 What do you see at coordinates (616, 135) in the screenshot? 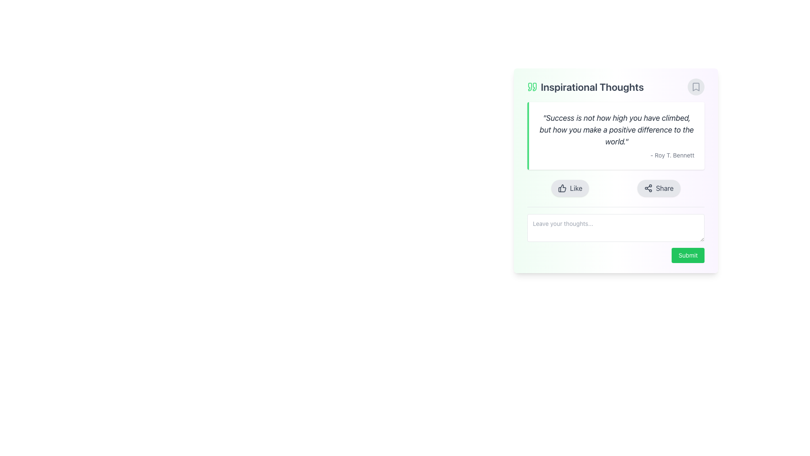
I see `the static text block displaying a motivational quote, located below the heading 'Inspirational Thoughts' and above the 'Like' and 'Share' buttons` at bounding box center [616, 135].